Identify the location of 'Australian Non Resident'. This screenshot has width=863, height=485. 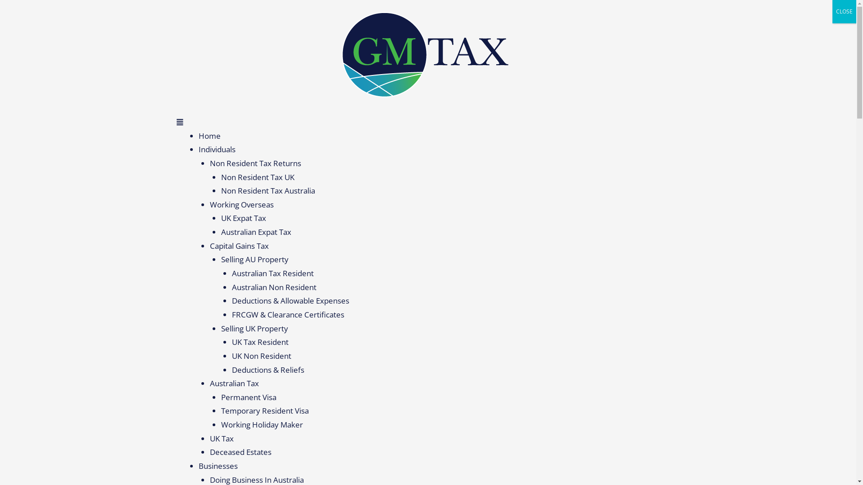
(273, 287).